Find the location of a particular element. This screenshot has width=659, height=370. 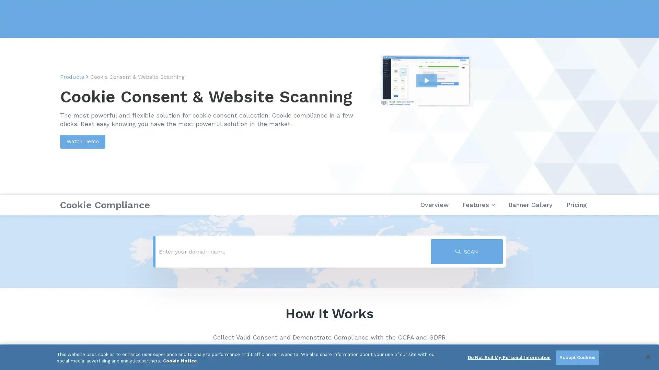

Close is located at coordinates (647, 356).